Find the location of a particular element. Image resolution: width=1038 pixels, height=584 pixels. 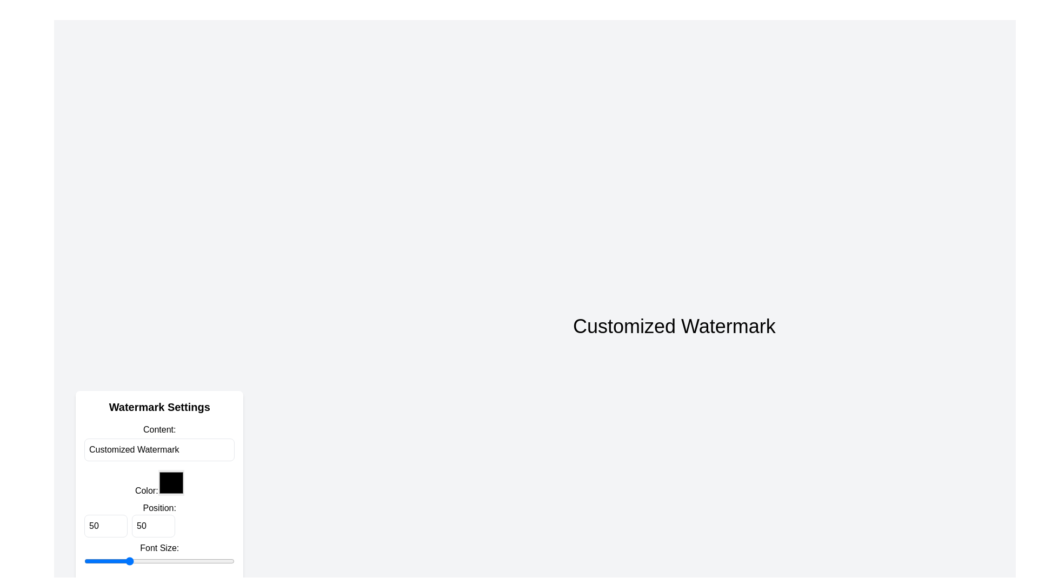

the font size is located at coordinates (199, 560).